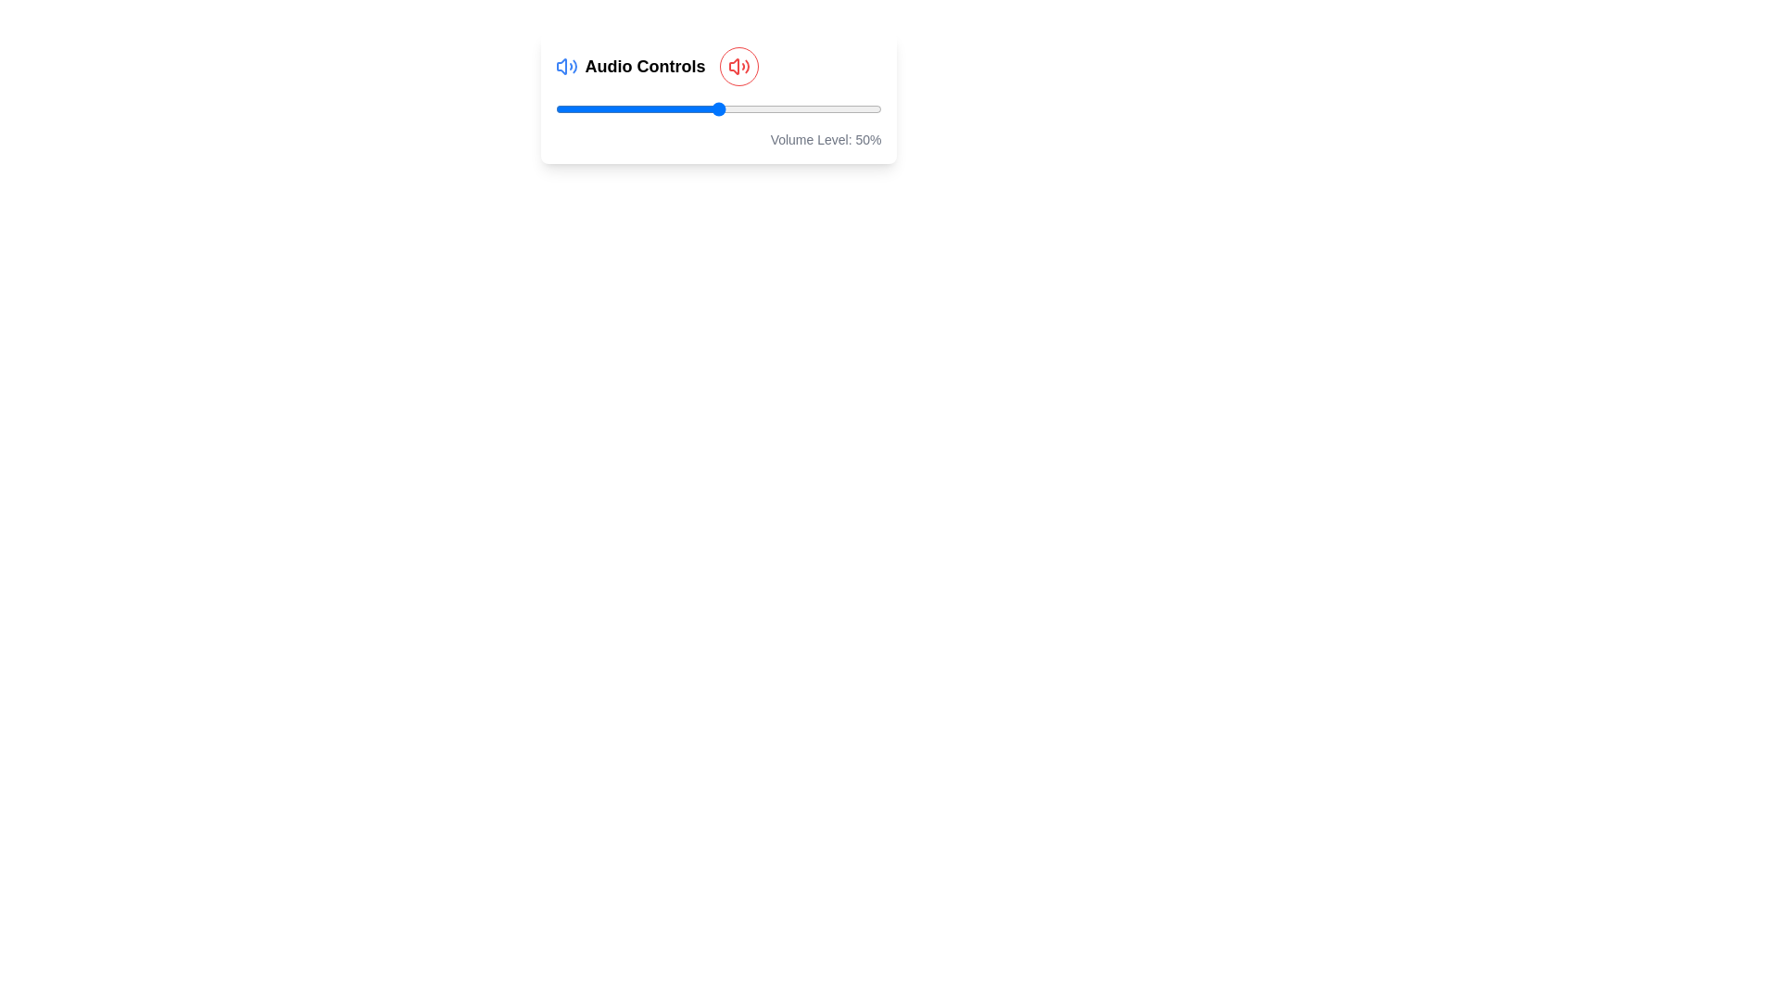 The image size is (1779, 1001). What do you see at coordinates (598, 109) in the screenshot?
I see `the volume slider to 13% by dragging the slider to the corresponding position` at bounding box center [598, 109].